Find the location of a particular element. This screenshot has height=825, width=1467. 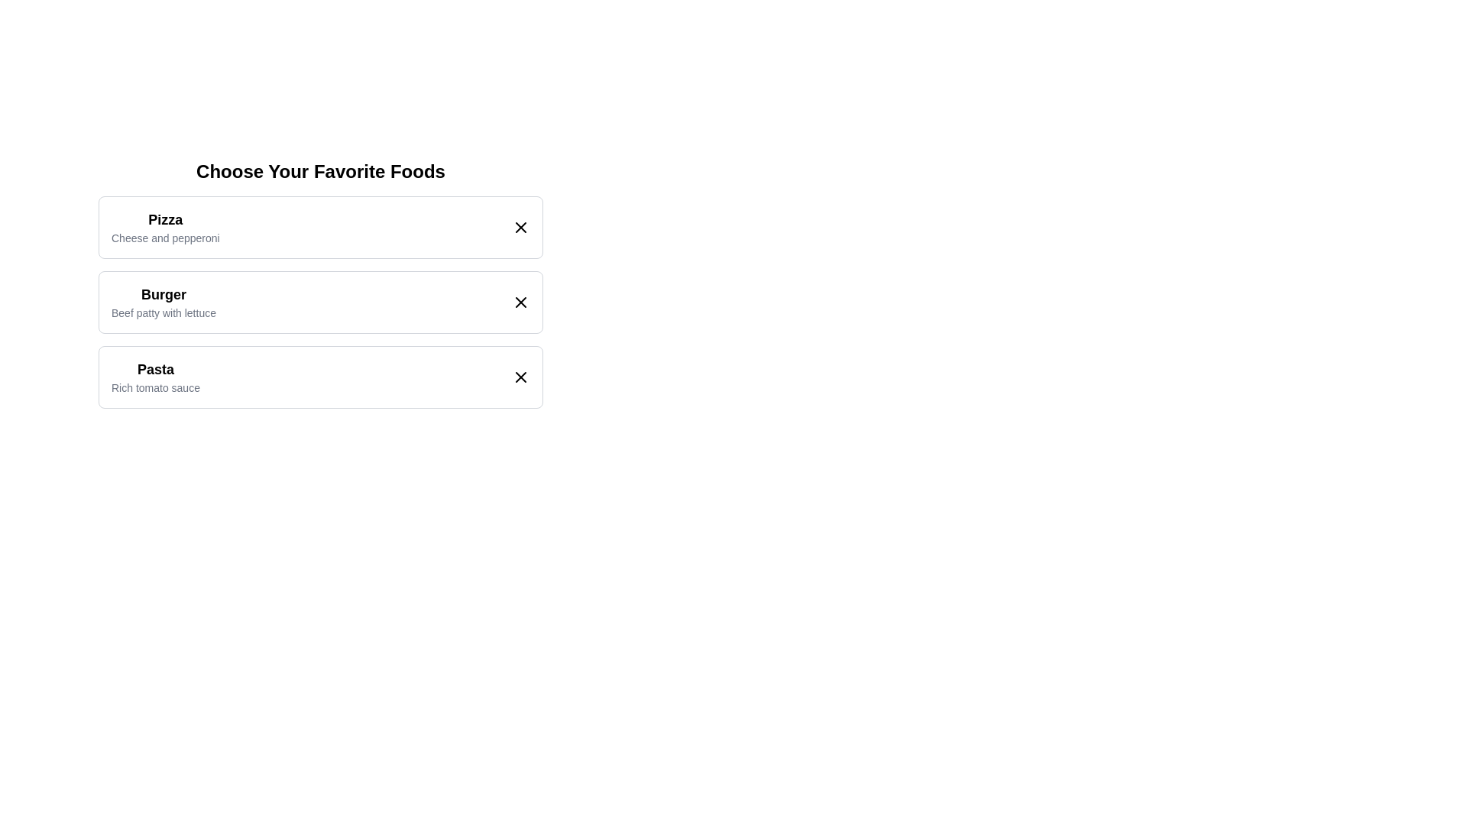

the third item in the list of favorite foods is located at coordinates (320, 377).